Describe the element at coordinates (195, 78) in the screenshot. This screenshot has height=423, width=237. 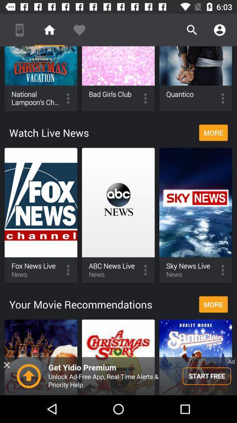
I see `the third picture from the top which have text below quantico` at that location.